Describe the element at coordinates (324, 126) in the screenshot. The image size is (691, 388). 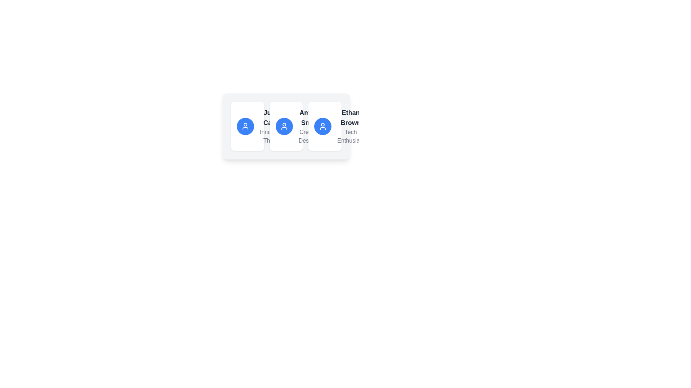
I see `the text 'Ethan Brown' in the Profile display element` at that location.